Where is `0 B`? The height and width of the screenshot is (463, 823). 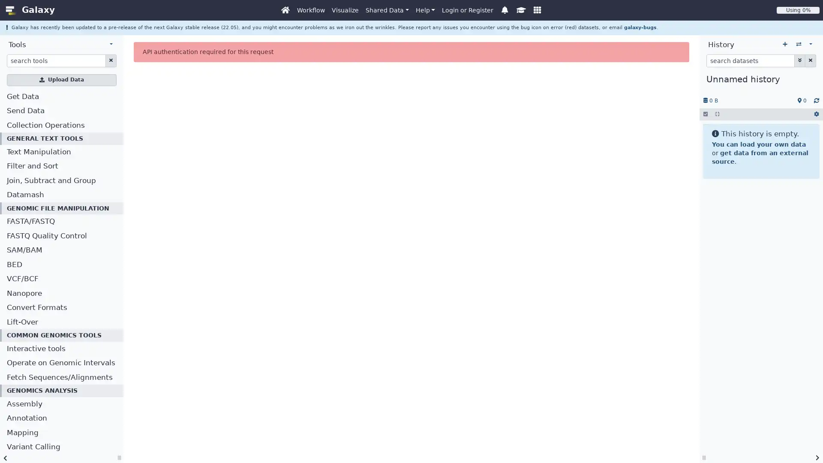 0 B is located at coordinates (710, 100).